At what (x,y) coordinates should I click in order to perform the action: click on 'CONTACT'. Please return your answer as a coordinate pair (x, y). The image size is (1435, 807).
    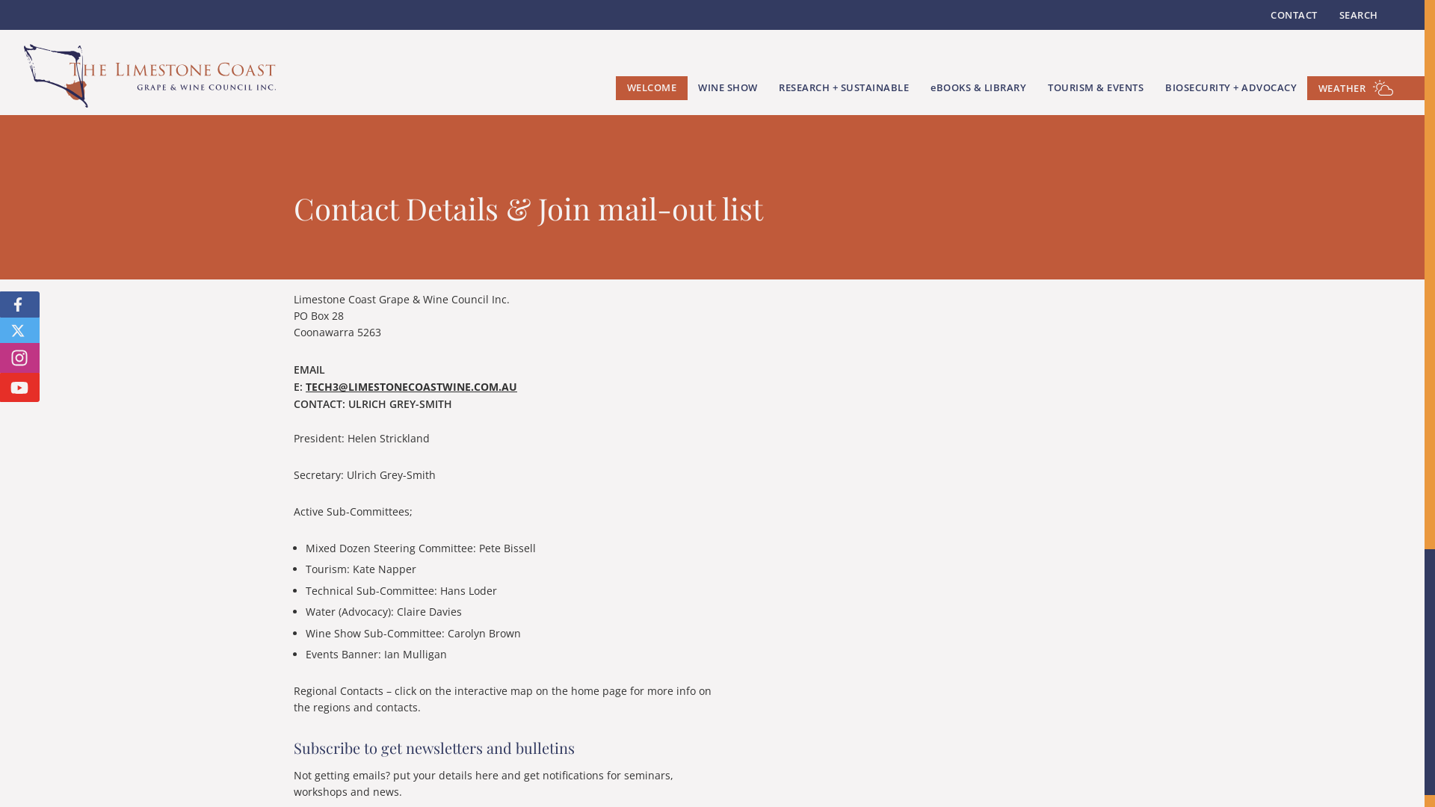
    Looking at the image, I should click on (1293, 14).